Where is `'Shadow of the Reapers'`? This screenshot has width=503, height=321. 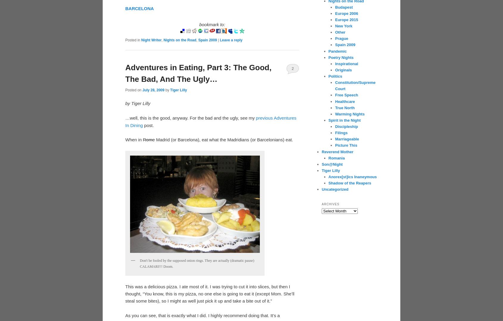 'Shadow of the Reapers' is located at coordinates (350, 183).